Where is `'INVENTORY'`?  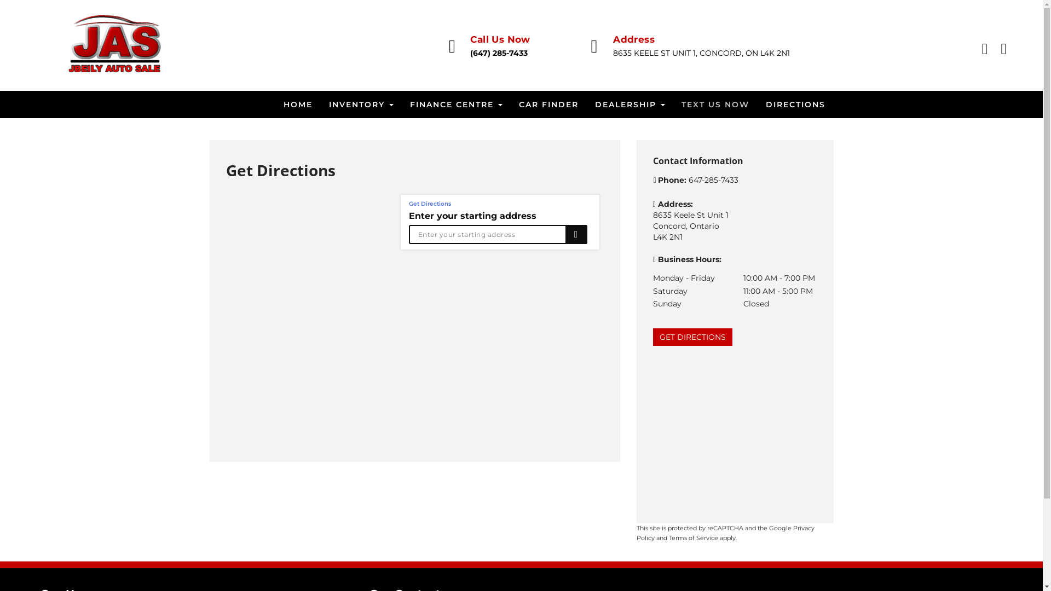
'INVENTORY' is located at coordinates (361, 105).